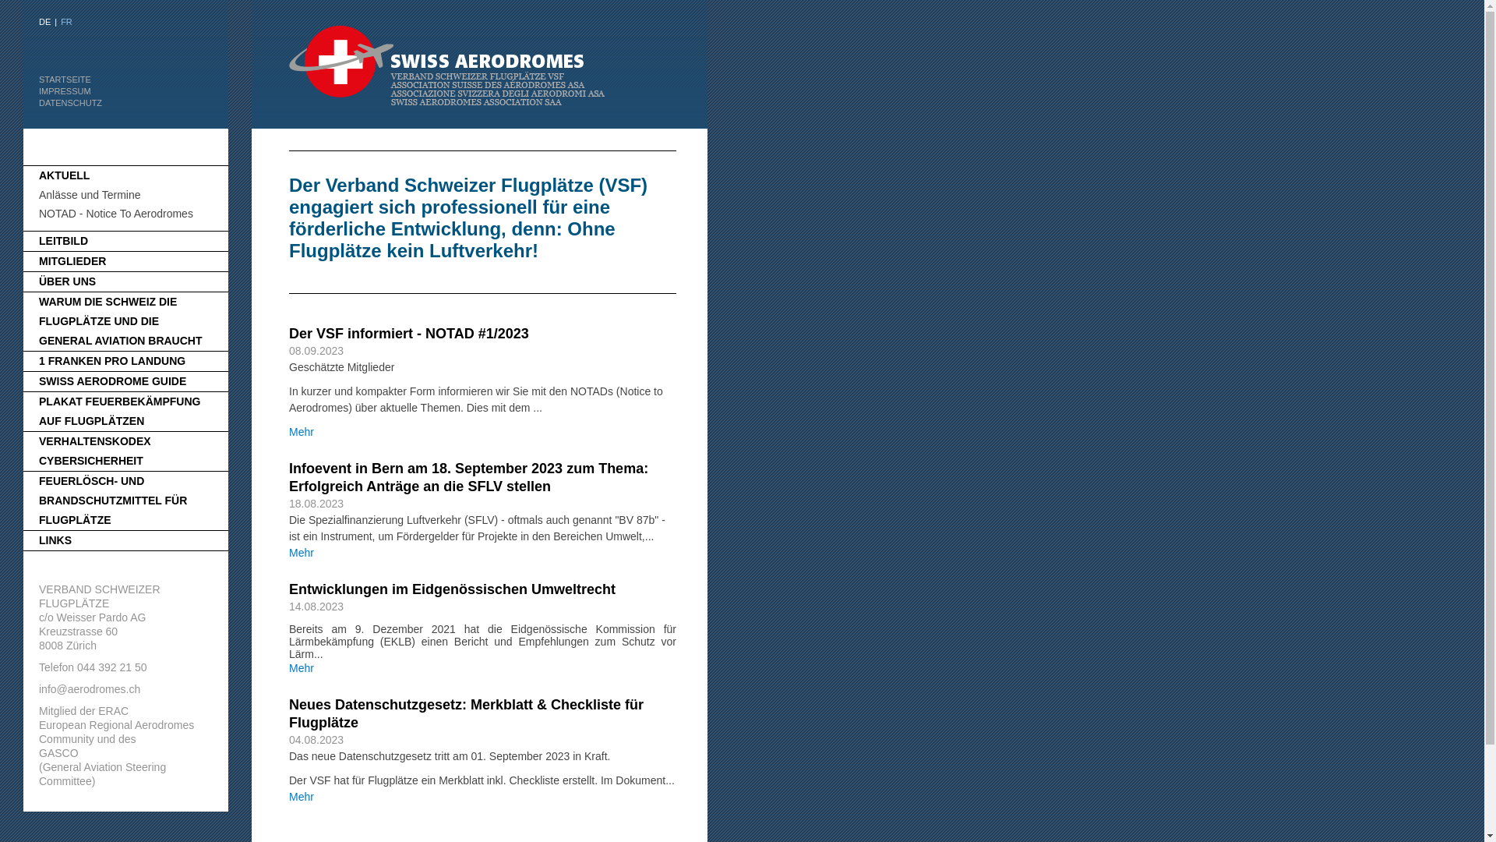 The image size is (1496, 842). Describe the element at coordinates (302, 667) in the screenshot. I see `'Mehr'` at that location.